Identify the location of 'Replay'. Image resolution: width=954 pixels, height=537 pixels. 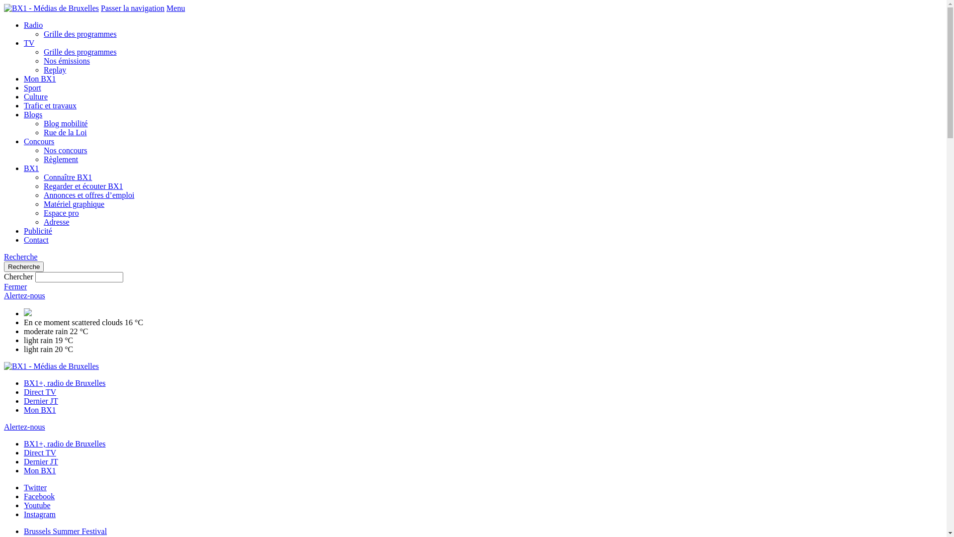
(54, 69).